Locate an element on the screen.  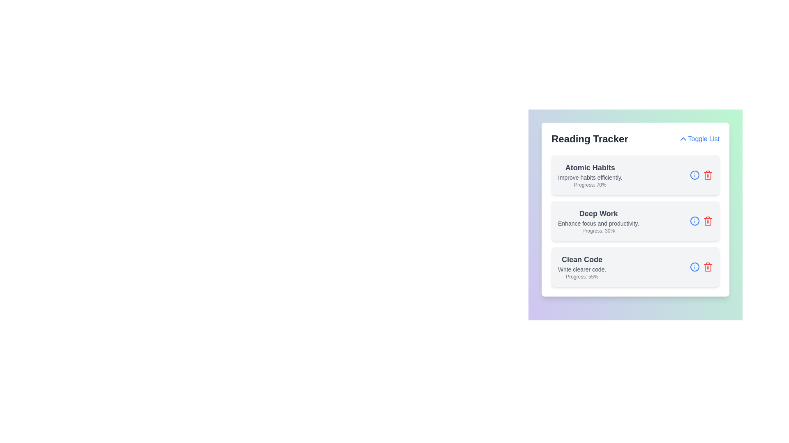
the delete button located on the far right side of the first task in the 'Reading Tracker' section is located at coordinates (708, 175).